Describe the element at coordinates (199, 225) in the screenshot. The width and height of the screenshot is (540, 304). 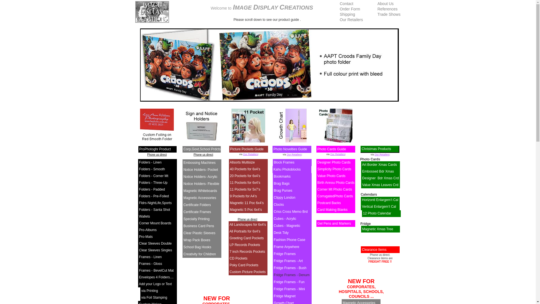
I see `'Business Card Pens'` at that location.